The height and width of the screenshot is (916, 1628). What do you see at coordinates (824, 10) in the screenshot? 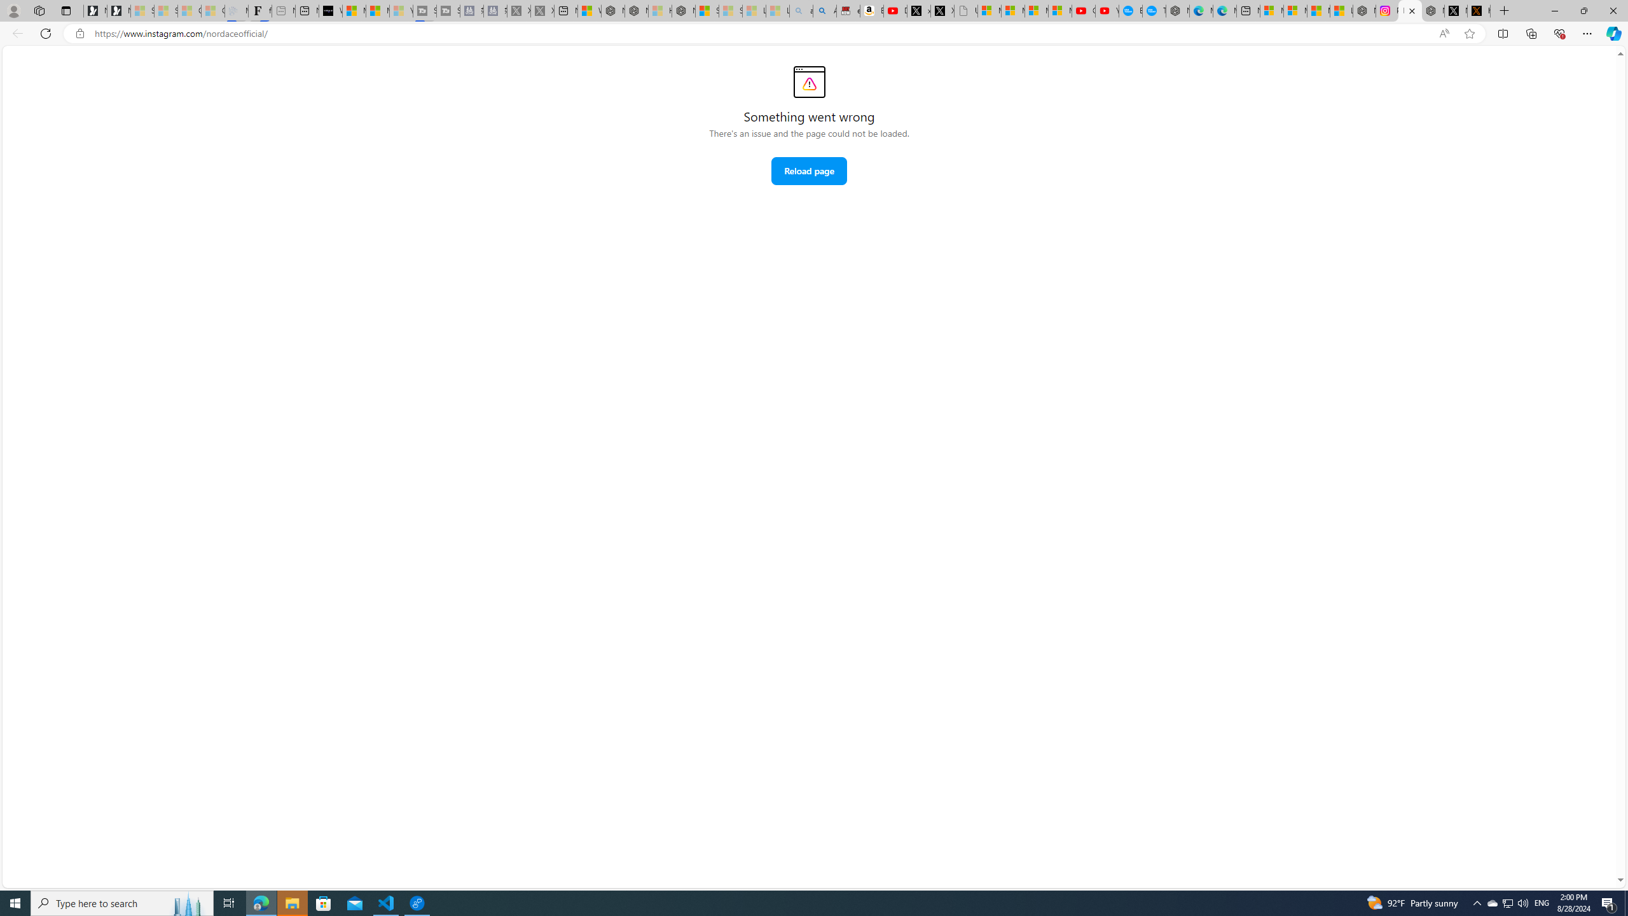
I see `'Amazon Echo Dot PNG - Search Images'` at bounding box center [824, 10].